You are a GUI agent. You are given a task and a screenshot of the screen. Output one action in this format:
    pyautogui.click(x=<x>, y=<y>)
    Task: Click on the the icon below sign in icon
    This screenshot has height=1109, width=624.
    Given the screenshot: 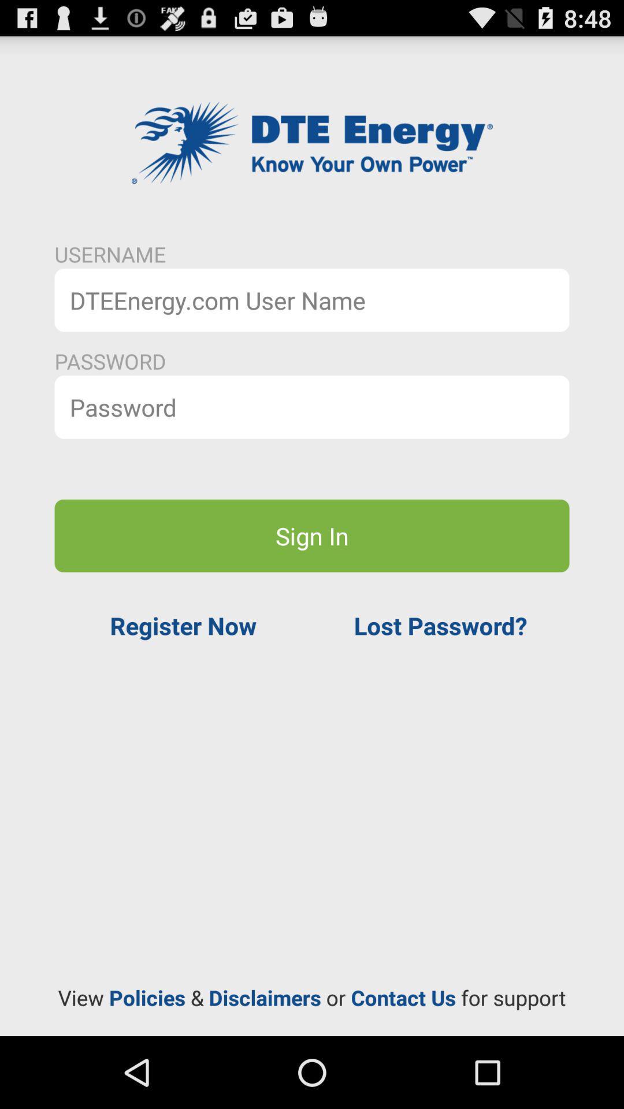 What is the action you would take?
    pyautogui.click(x=183, y=625)
    